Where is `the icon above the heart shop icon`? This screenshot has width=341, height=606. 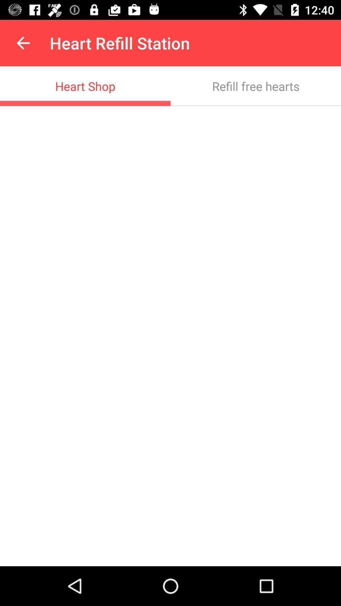 the icon above the heart shop icon is located at coordinates (23, 43).